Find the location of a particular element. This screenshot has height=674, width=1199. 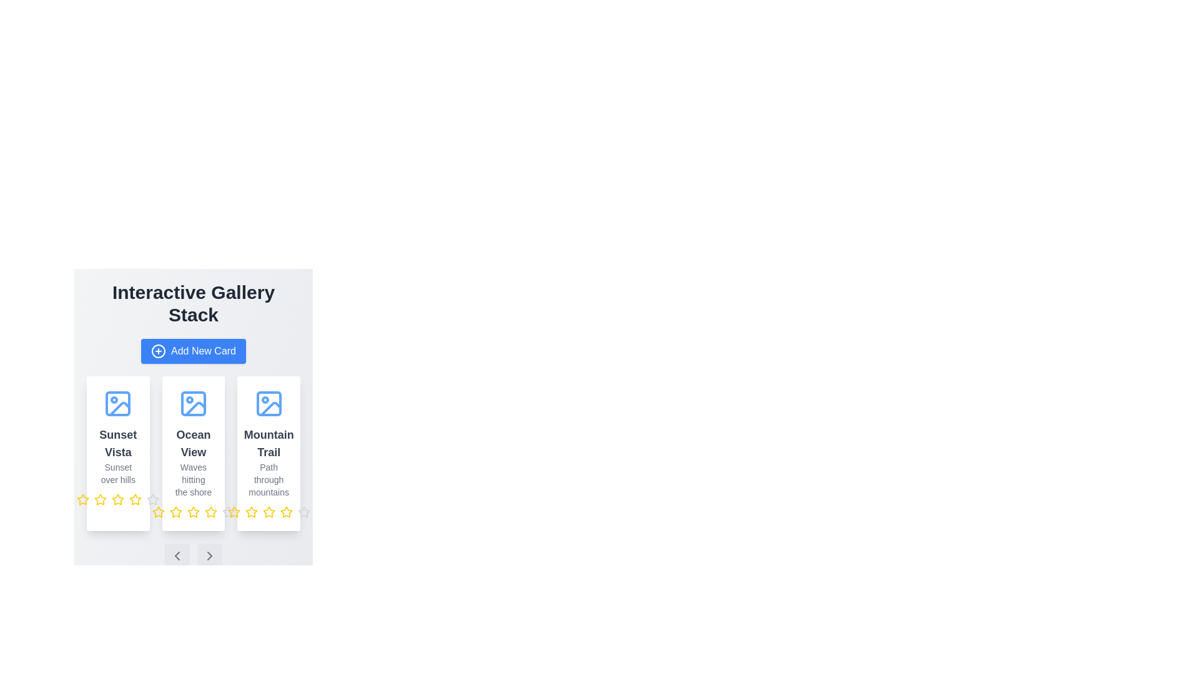

the backward navigation button located at the bottom-left corner of the gallery interface to observe styling changes is located at coordinates (176, 555).